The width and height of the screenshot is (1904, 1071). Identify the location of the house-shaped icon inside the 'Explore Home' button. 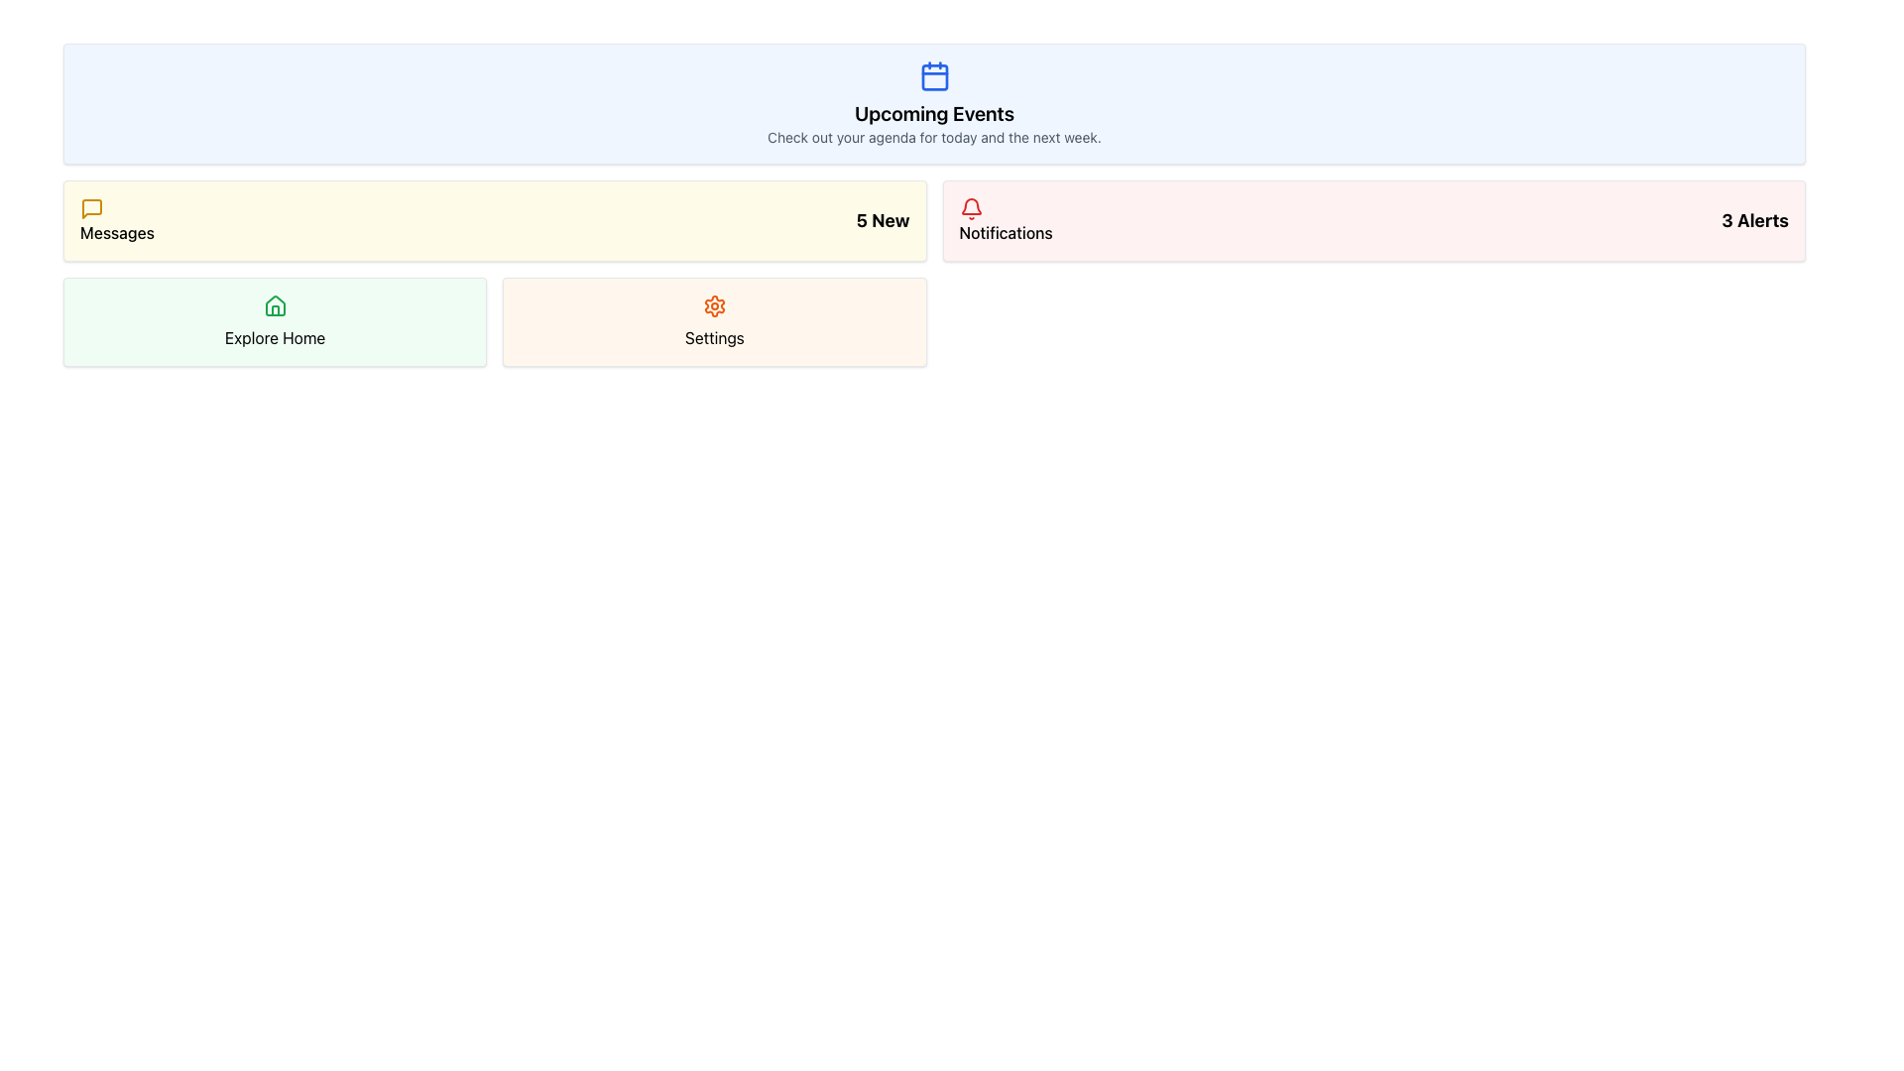
(274, 305).